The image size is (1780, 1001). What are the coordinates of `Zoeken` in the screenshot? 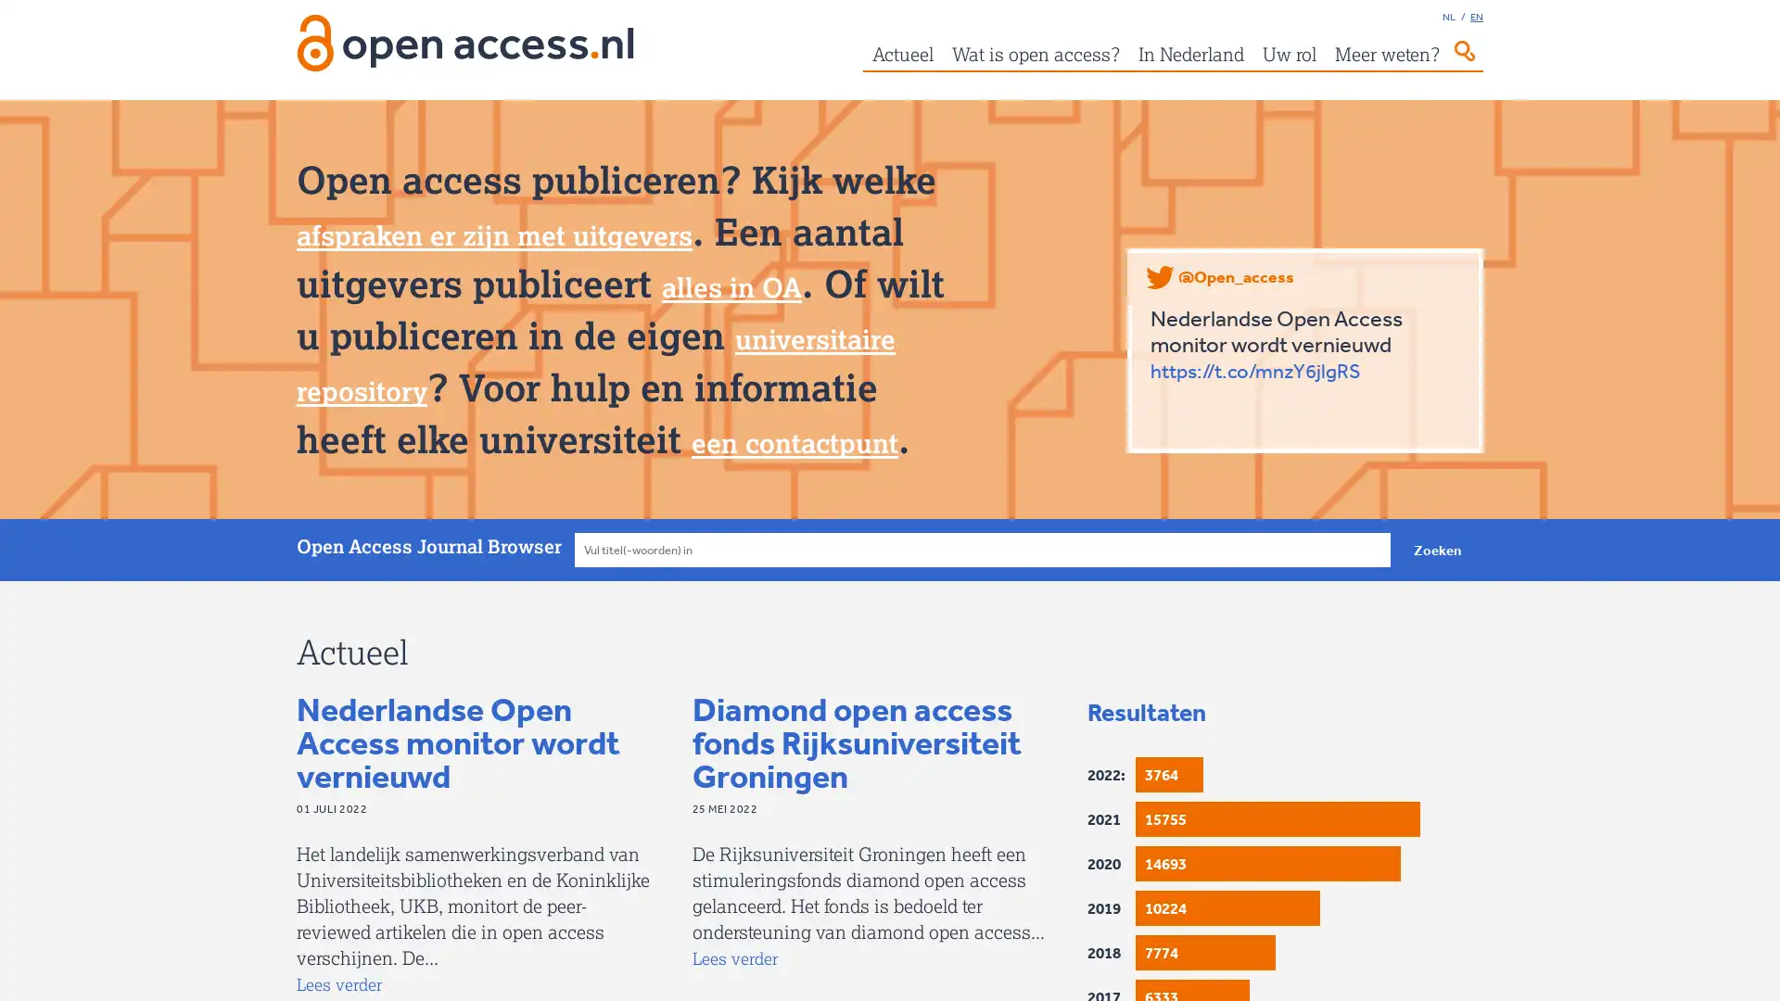 It's located at (1436, 597).